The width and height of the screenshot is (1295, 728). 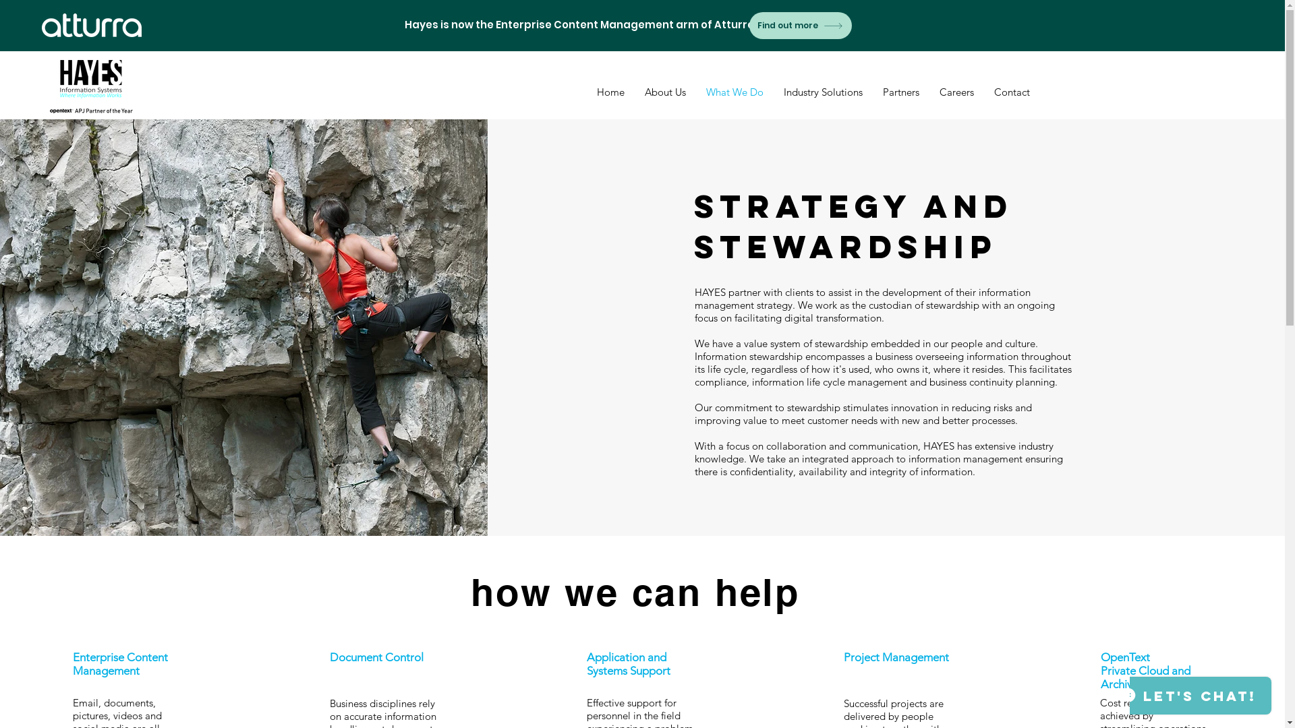 I want to click on 'Home', so click(x=610, y=92).